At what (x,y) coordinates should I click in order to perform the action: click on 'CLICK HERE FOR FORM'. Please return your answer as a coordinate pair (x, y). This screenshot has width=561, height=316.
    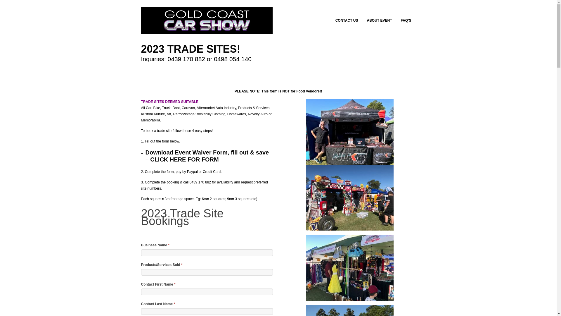
    Looking at the image, I should click on (184, 159).